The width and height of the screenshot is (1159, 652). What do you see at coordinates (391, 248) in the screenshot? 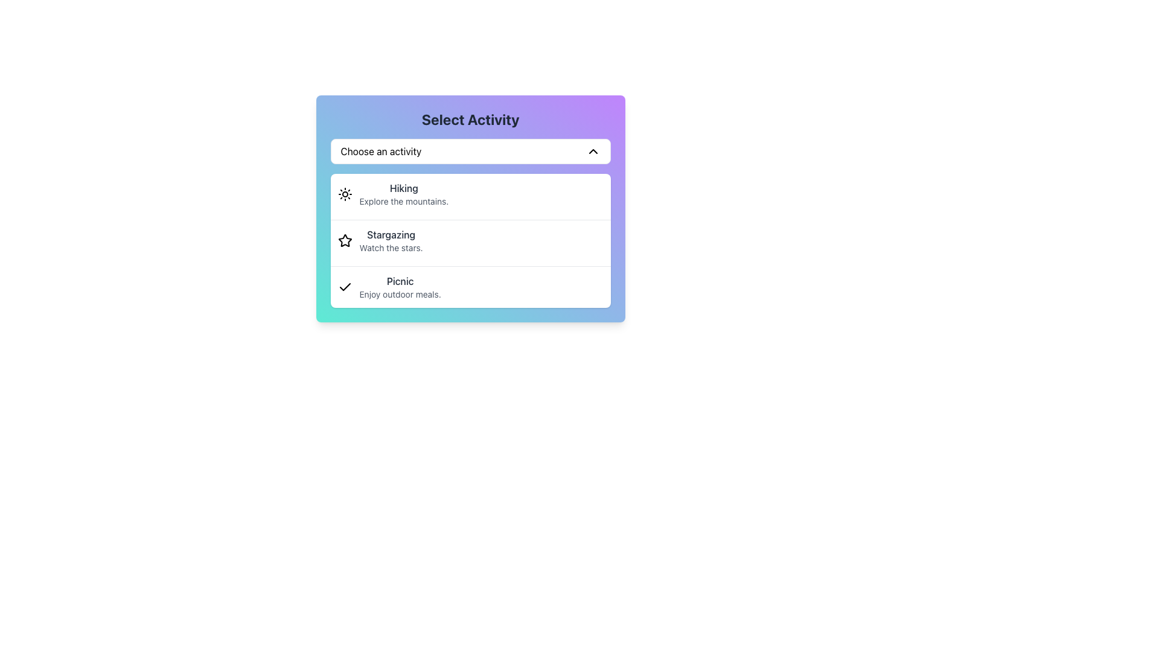
I see `the descriptive text label that provides additional information about the 'Stargazing' activity, located directly beneath it in the dropdown interface` at bounding box center [391, 248].